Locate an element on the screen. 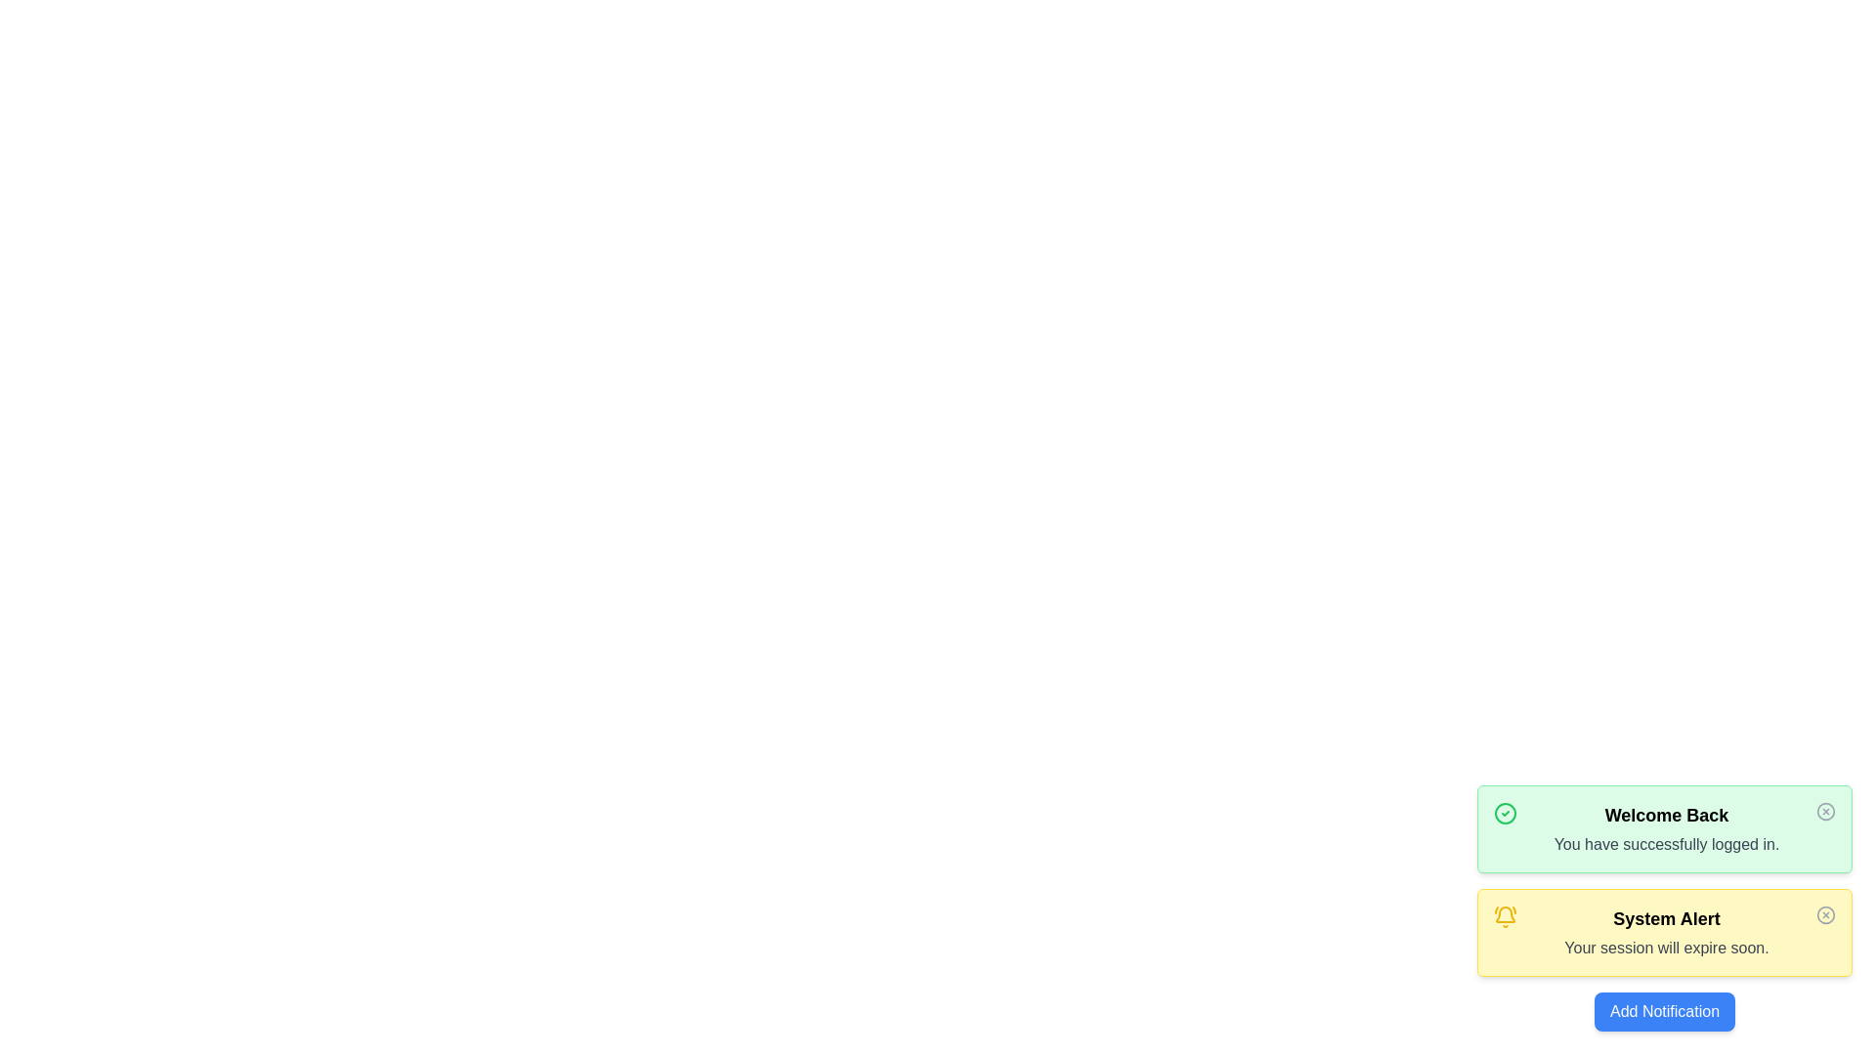 The width and height of the screenshot is (1876, 1055). the 'Welcome Back' text element is located at coordinates (1665, 815).